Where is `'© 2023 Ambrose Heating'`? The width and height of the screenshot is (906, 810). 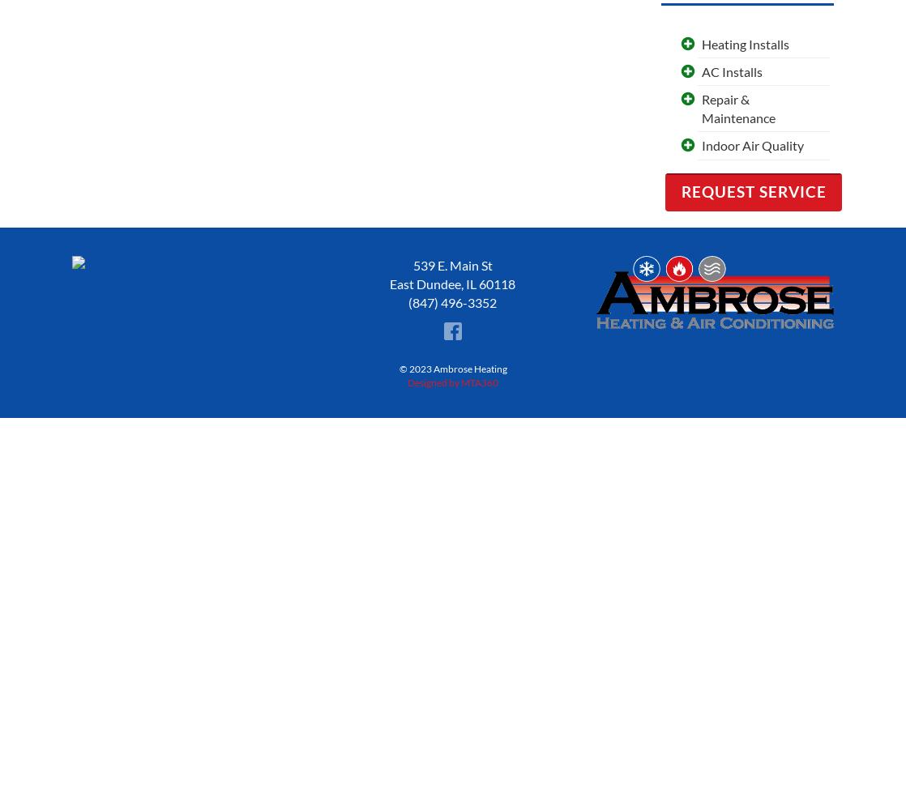
'© 2023 Ambrose Heating' is located at coordinates (451, 367).